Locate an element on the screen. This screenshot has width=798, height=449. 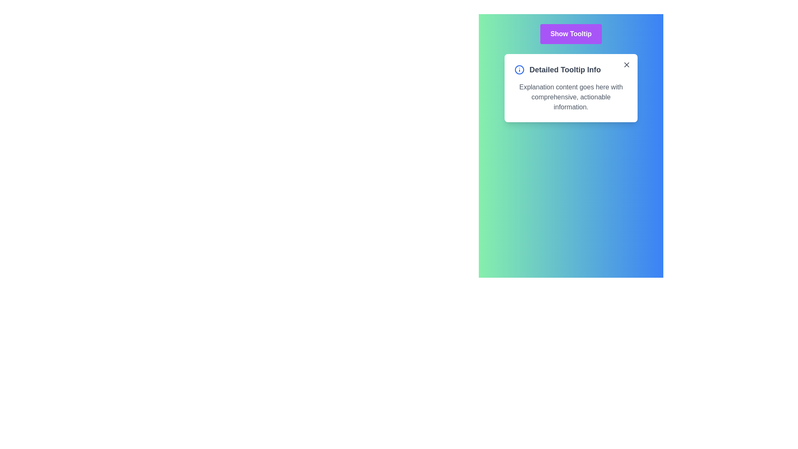
the close icon located at the top-right corner of the tooltip is located at coordinates (626, 64).